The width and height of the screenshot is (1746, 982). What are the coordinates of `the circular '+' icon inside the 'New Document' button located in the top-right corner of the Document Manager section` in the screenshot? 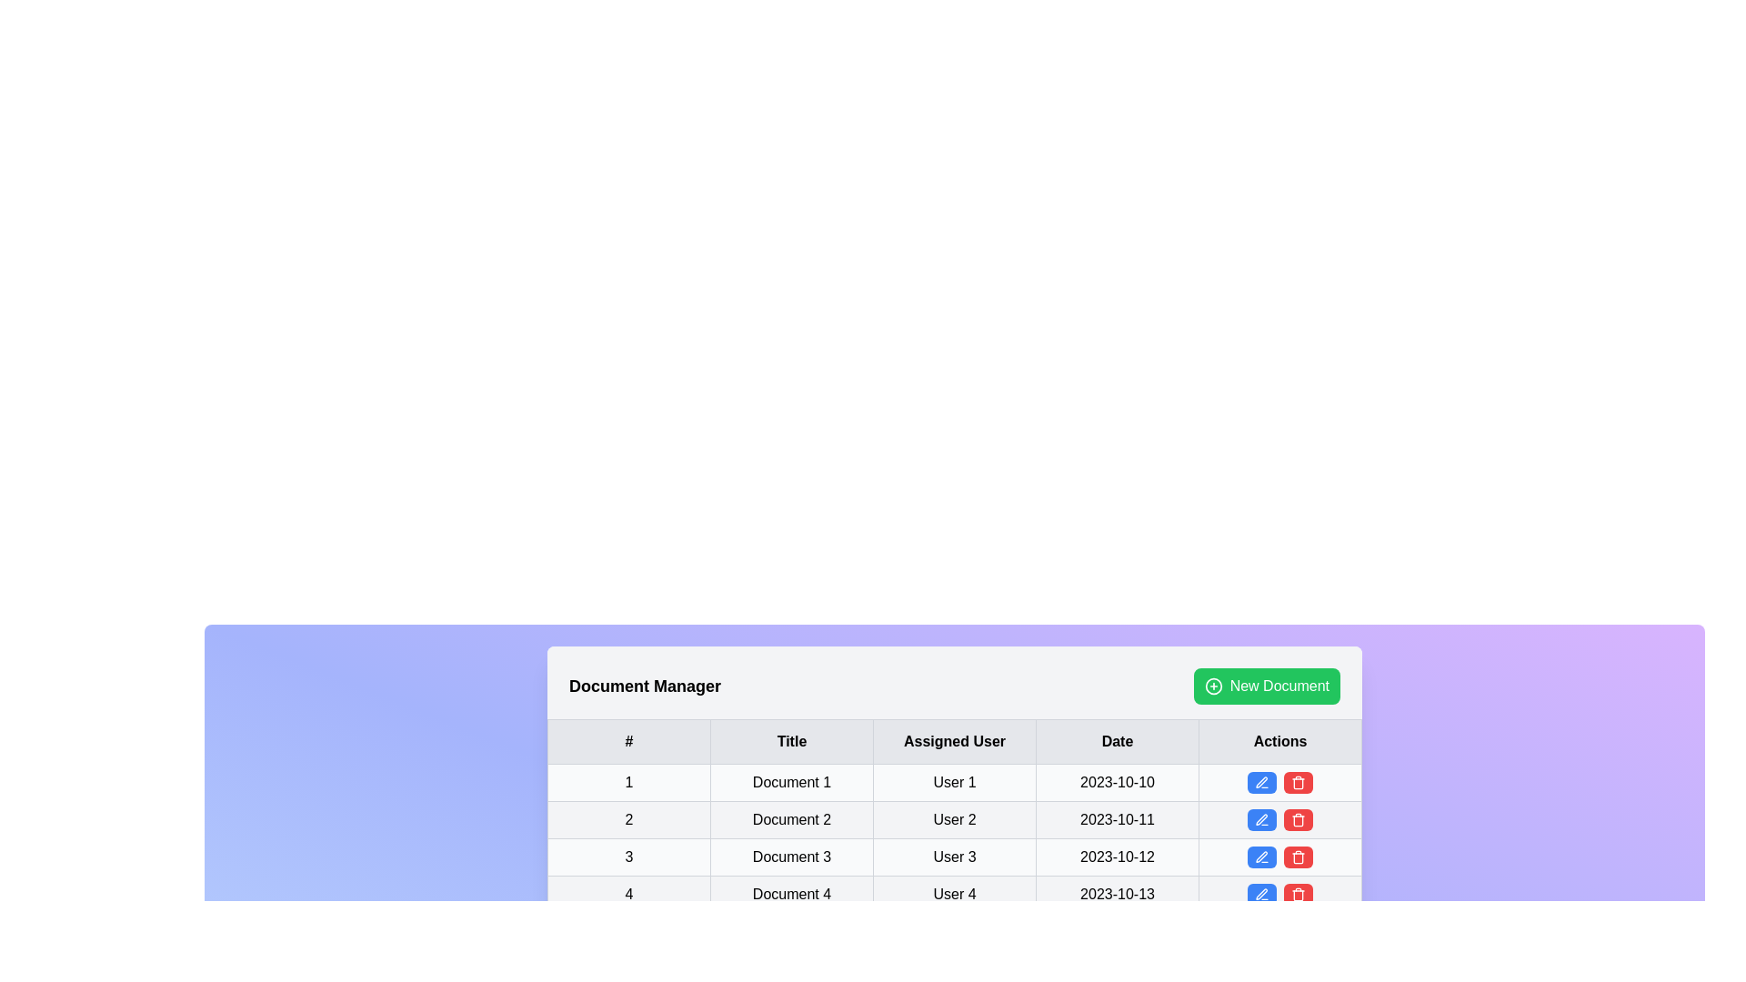 It's located at (1213, 686).